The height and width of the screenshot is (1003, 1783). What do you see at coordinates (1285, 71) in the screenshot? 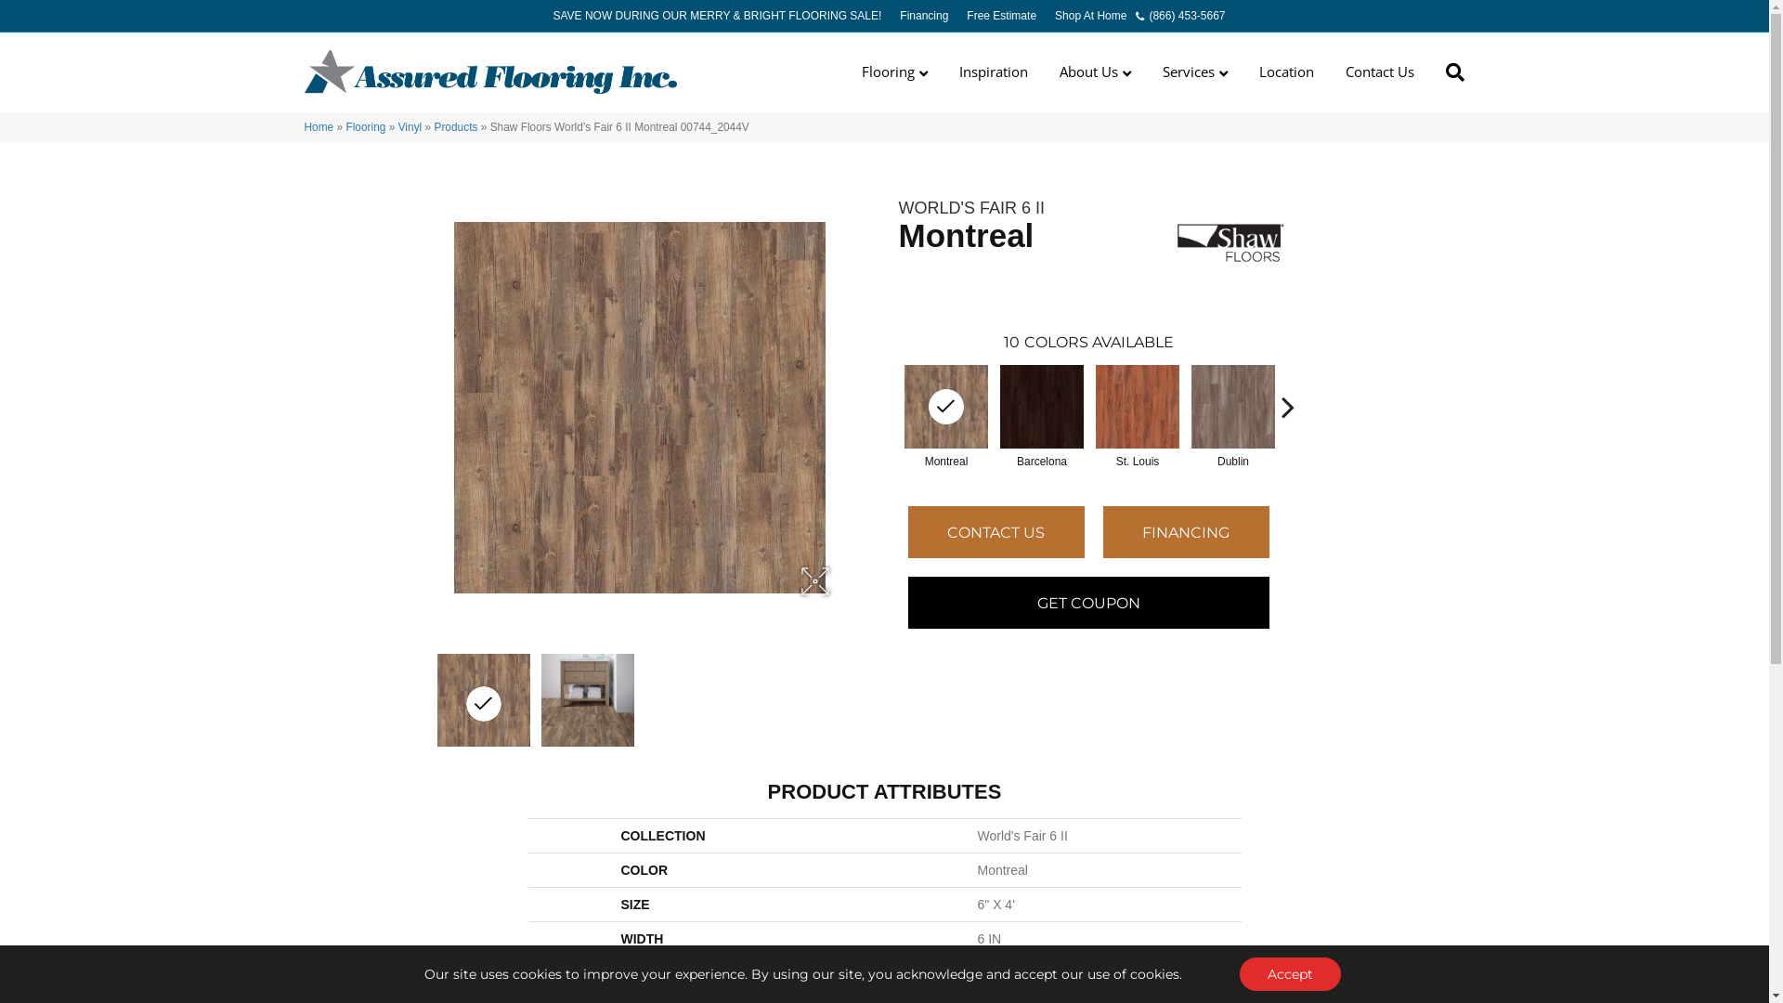
I see `'Location'` at bounding box center [1285, 71].